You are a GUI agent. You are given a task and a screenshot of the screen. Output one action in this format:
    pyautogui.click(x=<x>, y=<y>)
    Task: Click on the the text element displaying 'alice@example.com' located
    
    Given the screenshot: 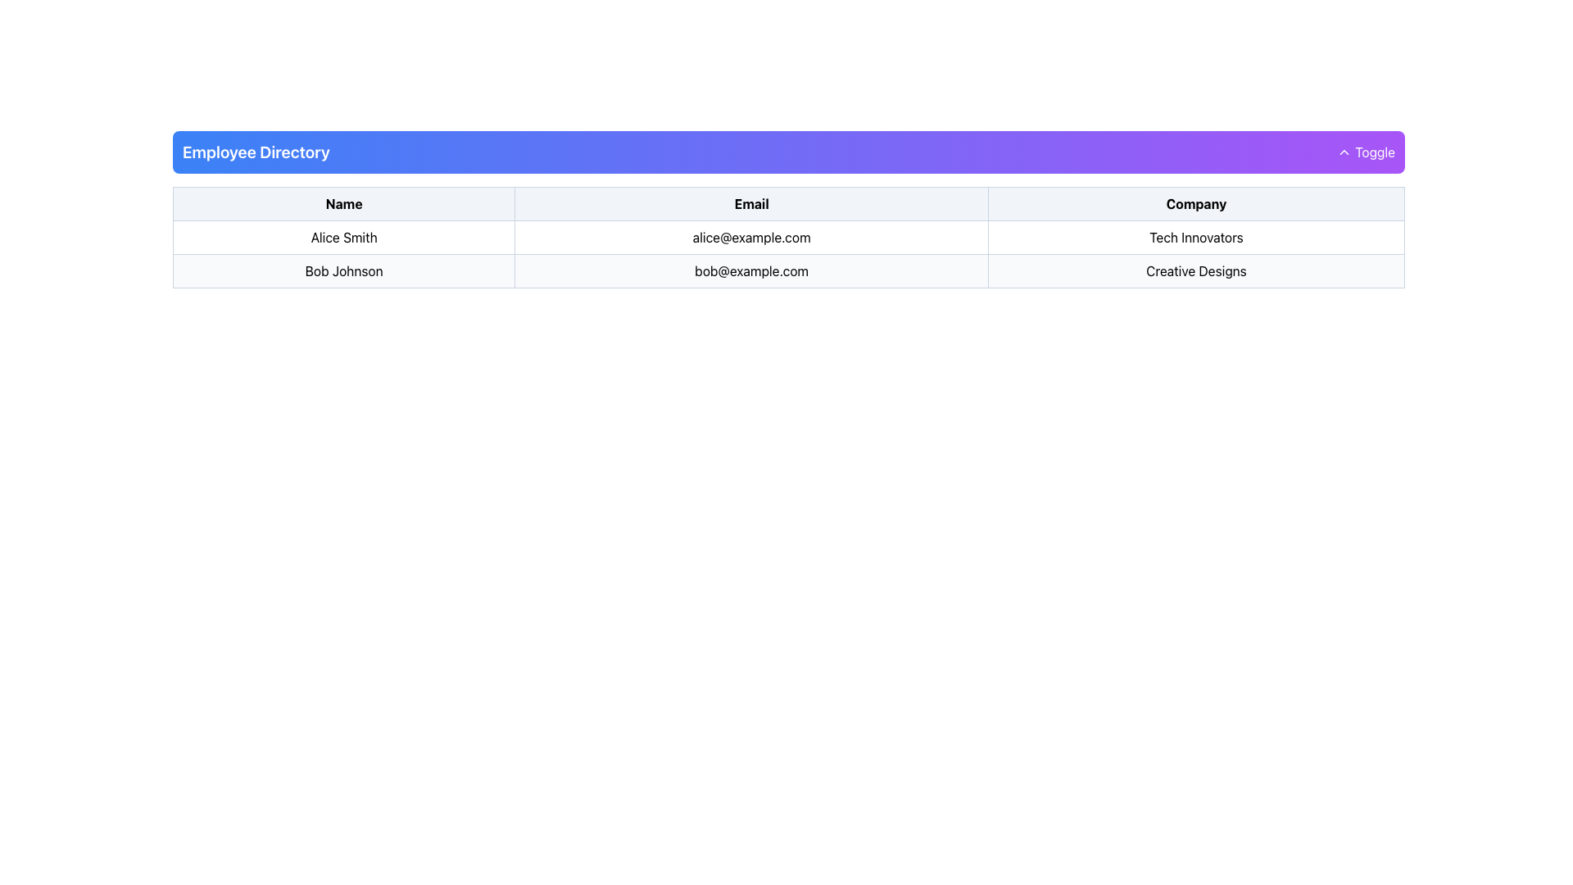 What is the action you would take?
    pyautogui.click(x=750, y=237)
    